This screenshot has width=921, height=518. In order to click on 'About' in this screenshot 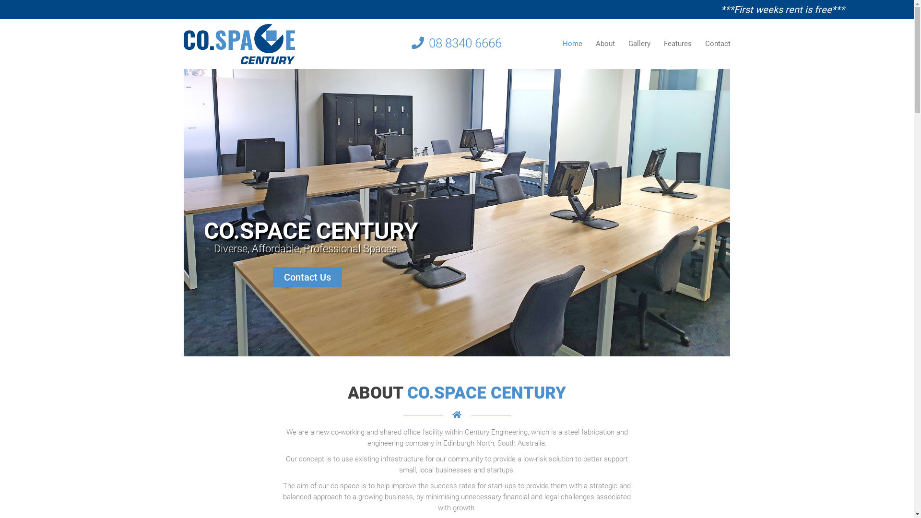, I will do `click(589, 44)`.